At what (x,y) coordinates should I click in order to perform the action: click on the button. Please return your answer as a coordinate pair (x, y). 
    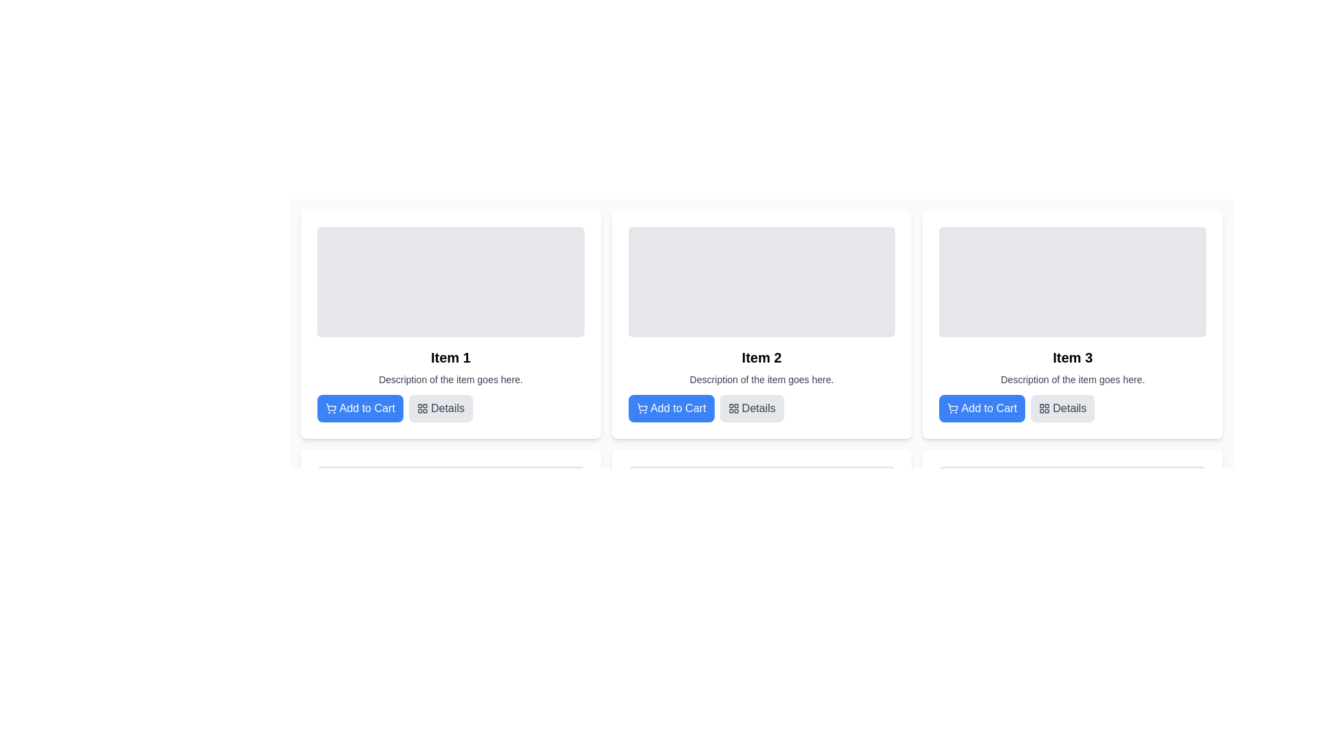
    Looking at the image, I should click on (761, 408).